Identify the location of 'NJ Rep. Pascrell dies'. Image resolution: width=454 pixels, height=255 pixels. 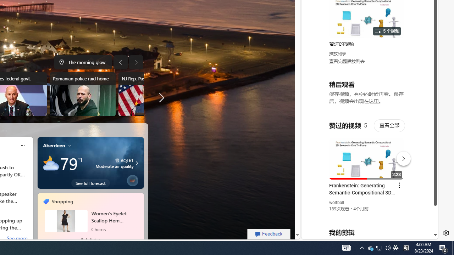
(151, 94).